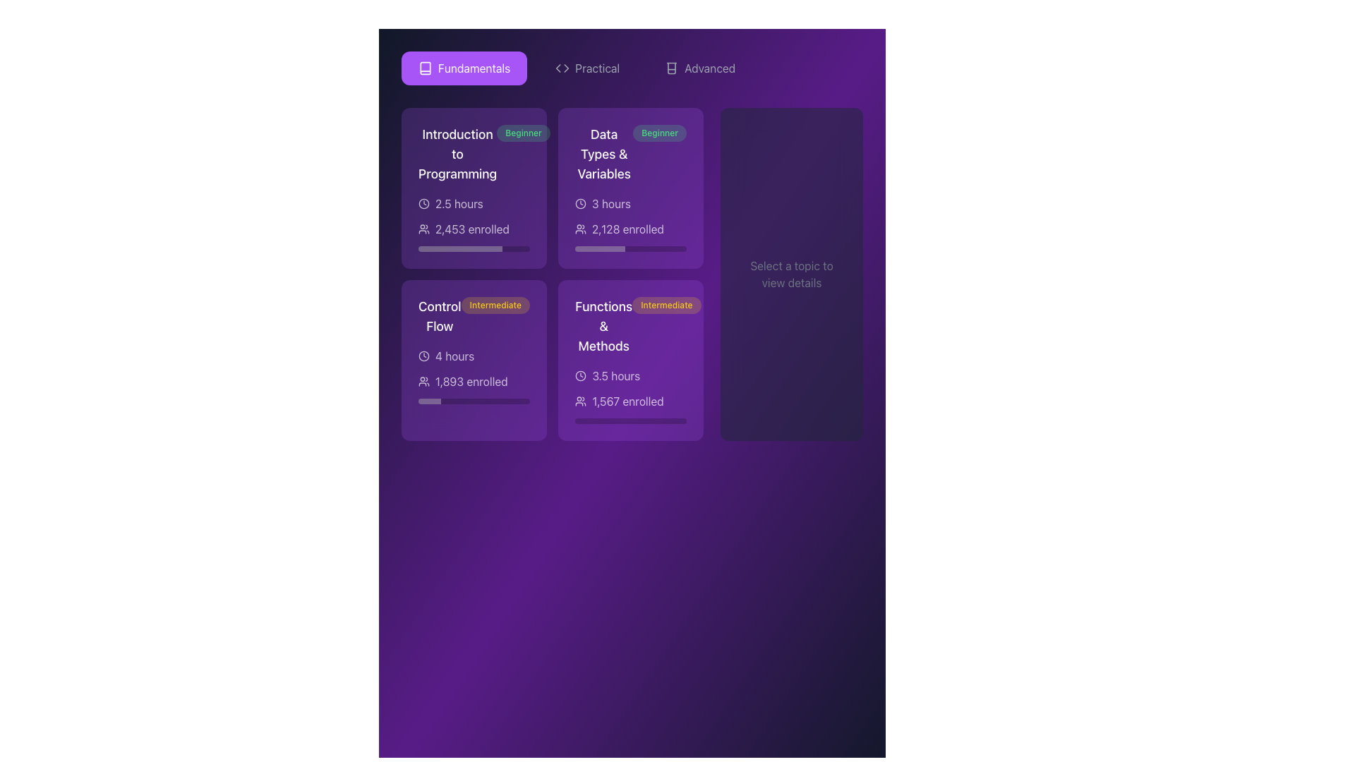  What do you see at coordinates (423, 204) in the screenshot?
I see `the small clock icon representing time duration located within the 'Introduction to Programming' card, positioned to the left of the text '2.5 hours'` at bounding box center [423, 204].